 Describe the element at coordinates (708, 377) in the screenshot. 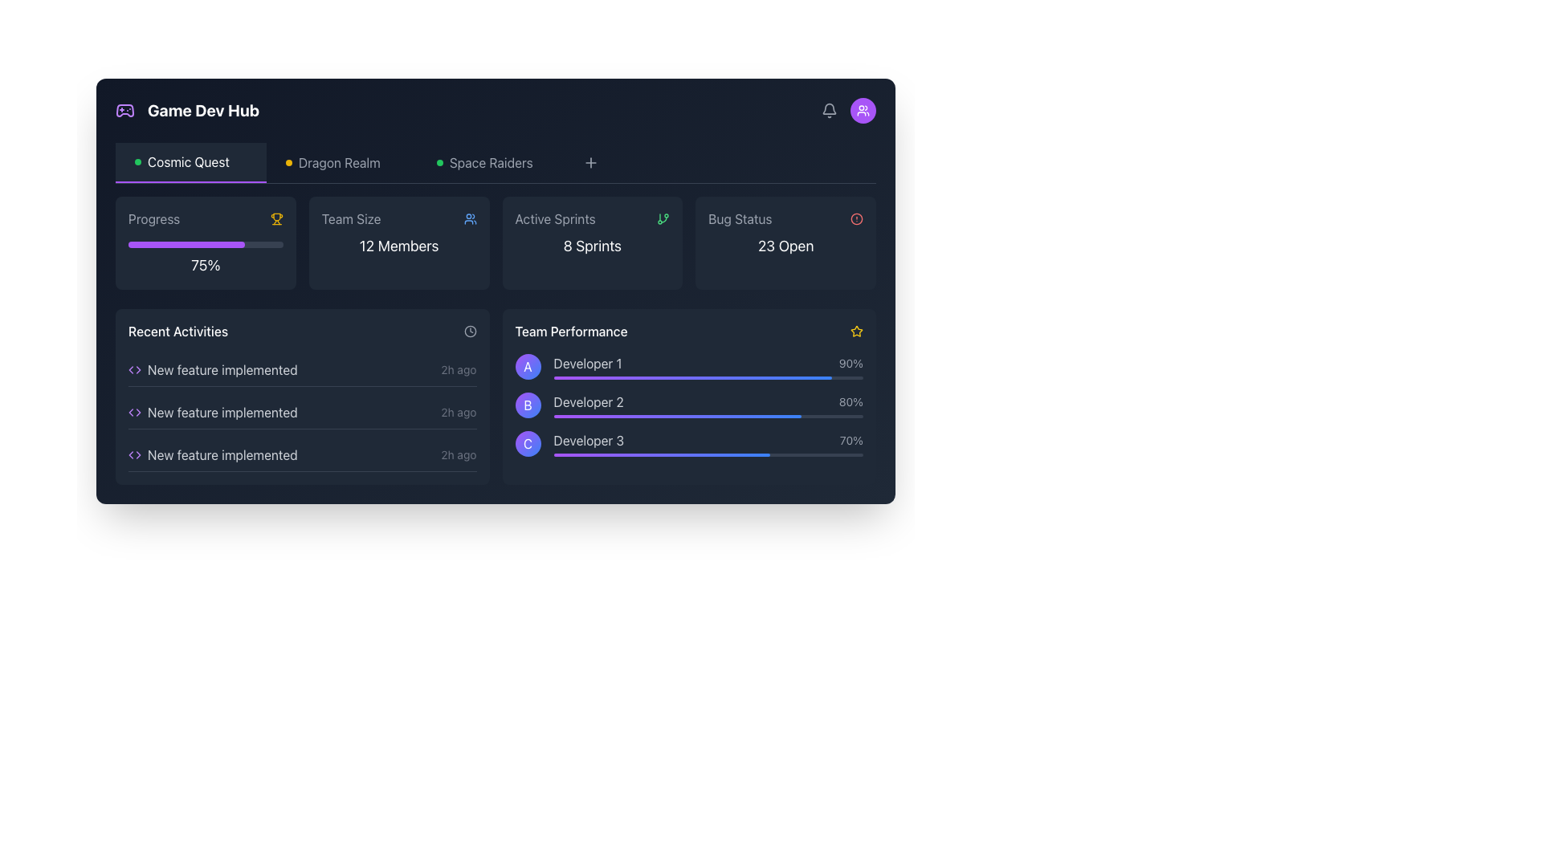

I see `the progress bar indicating 90% performance for 'Developer 1' in the 'Team Performance' section` at that location.